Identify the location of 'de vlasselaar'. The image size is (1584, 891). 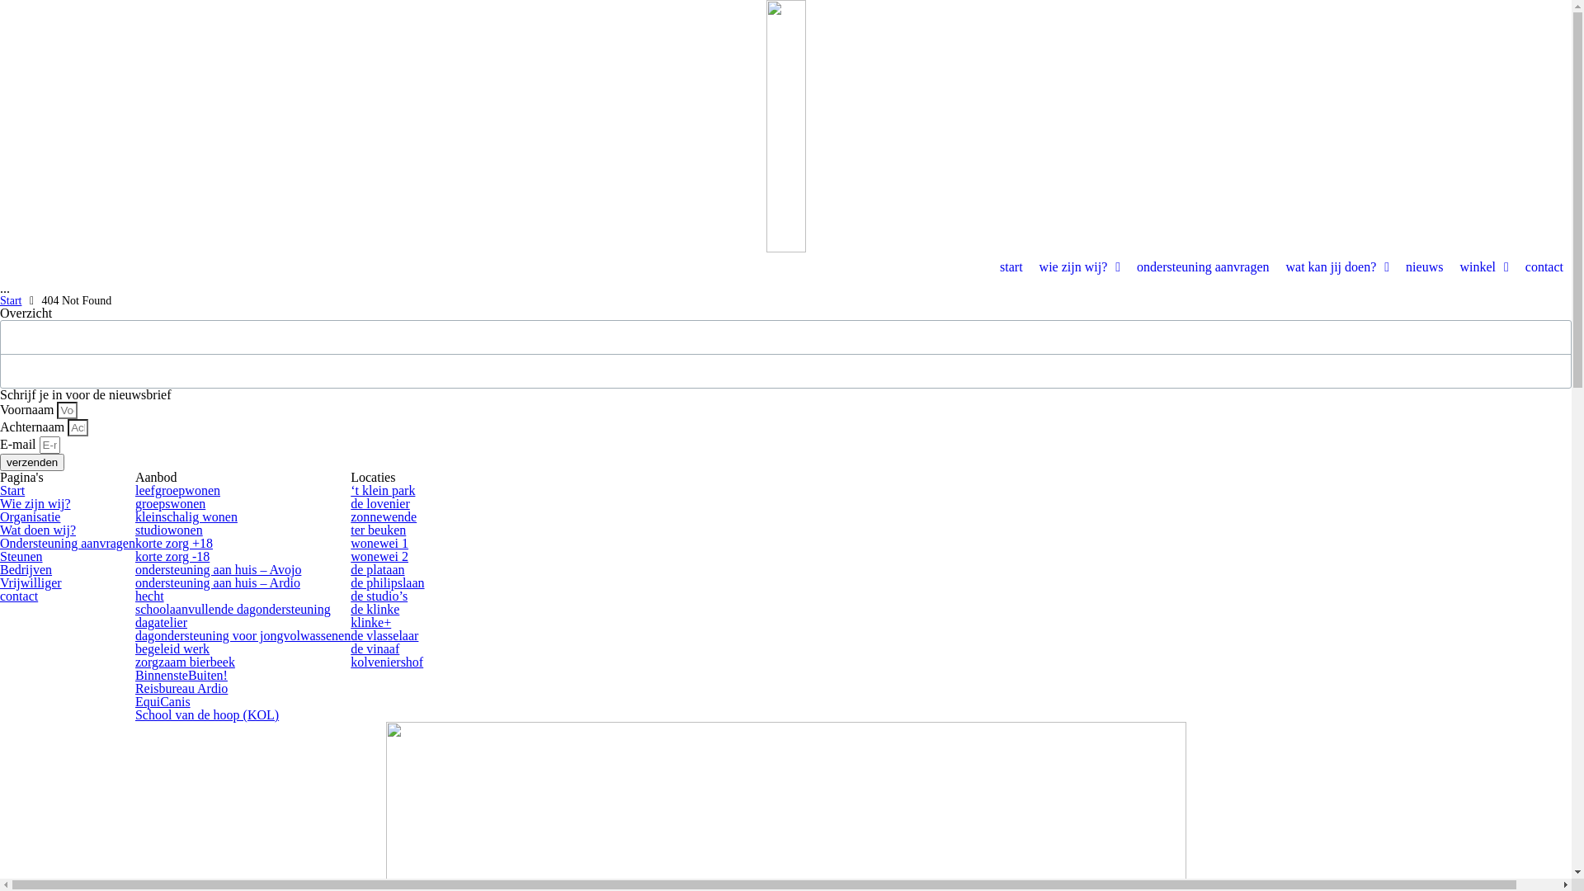
(383, 634).